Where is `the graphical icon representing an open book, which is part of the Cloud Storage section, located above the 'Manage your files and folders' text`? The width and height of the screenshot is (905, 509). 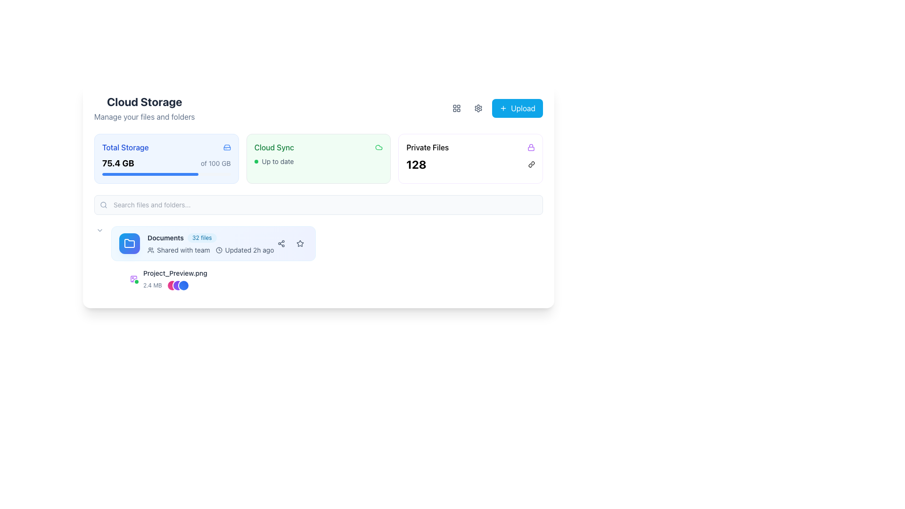 the graphical icon representing an open book, which is part of the Cloud Storage section, located above the 'Manage your files and folders' text is located at coordinates (106, 112).